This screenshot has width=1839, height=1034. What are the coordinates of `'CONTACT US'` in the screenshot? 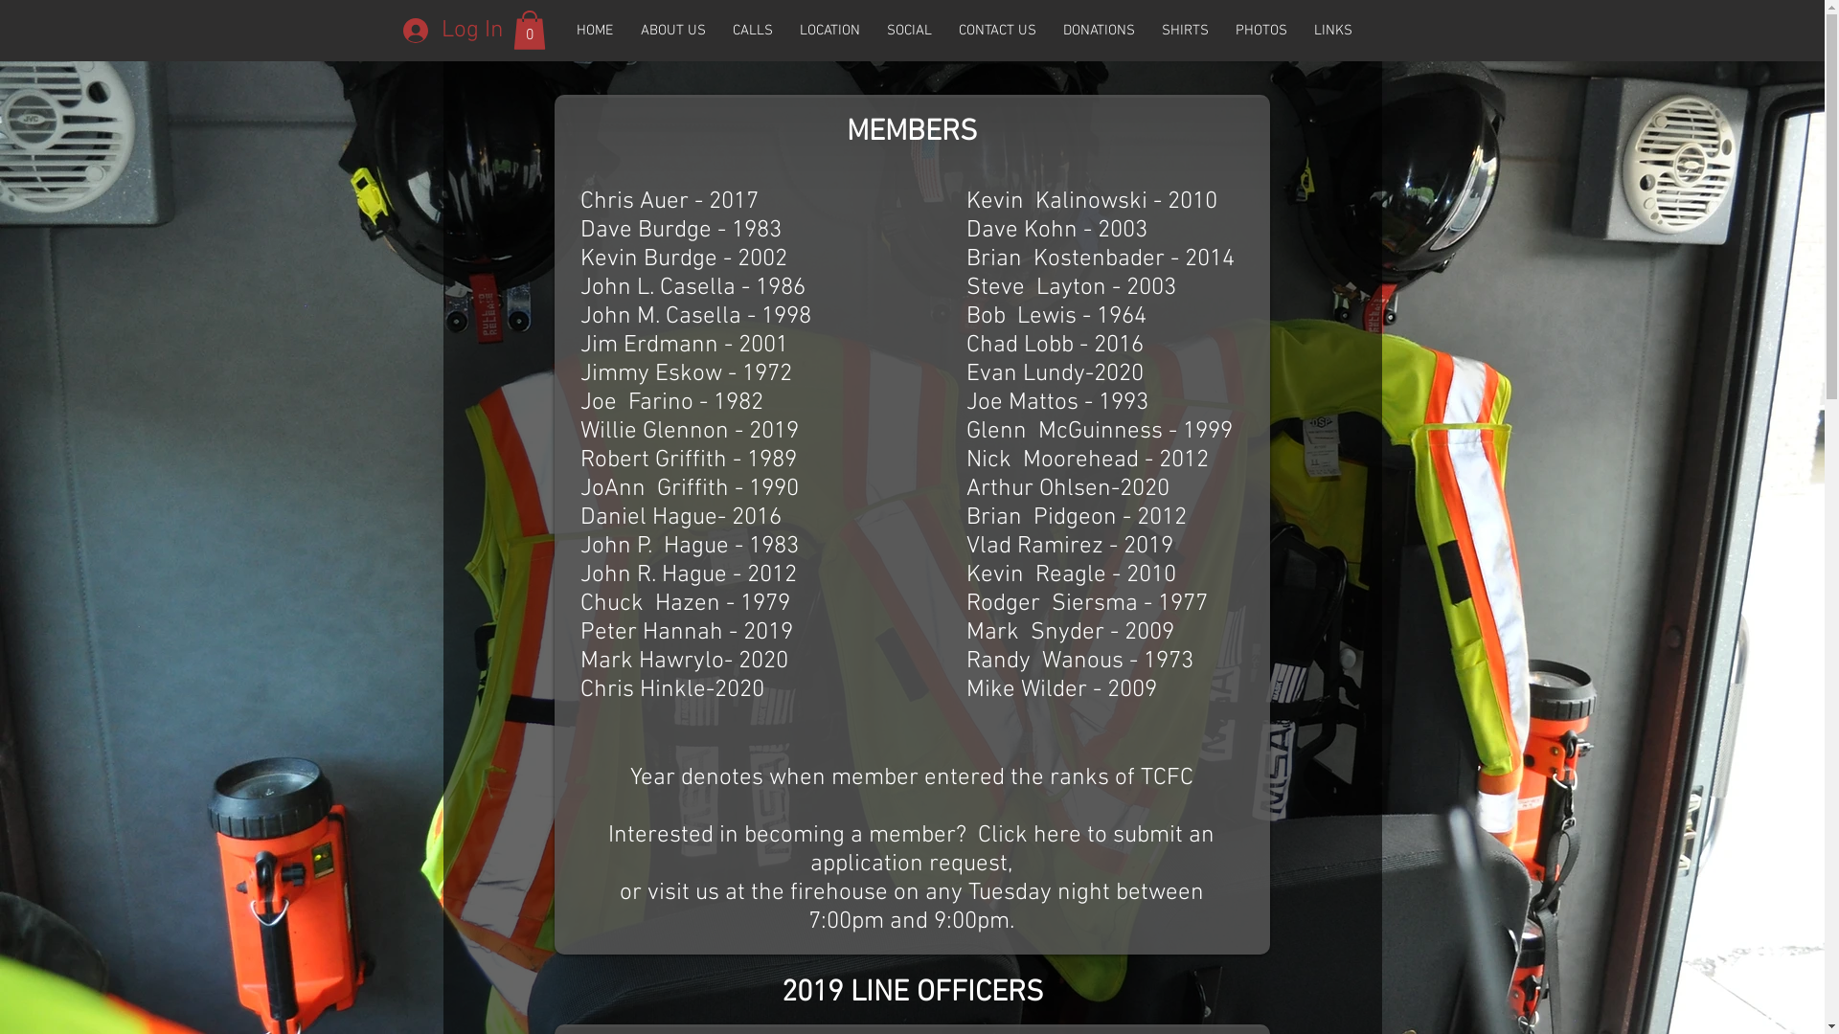 It's located at (996, 30).